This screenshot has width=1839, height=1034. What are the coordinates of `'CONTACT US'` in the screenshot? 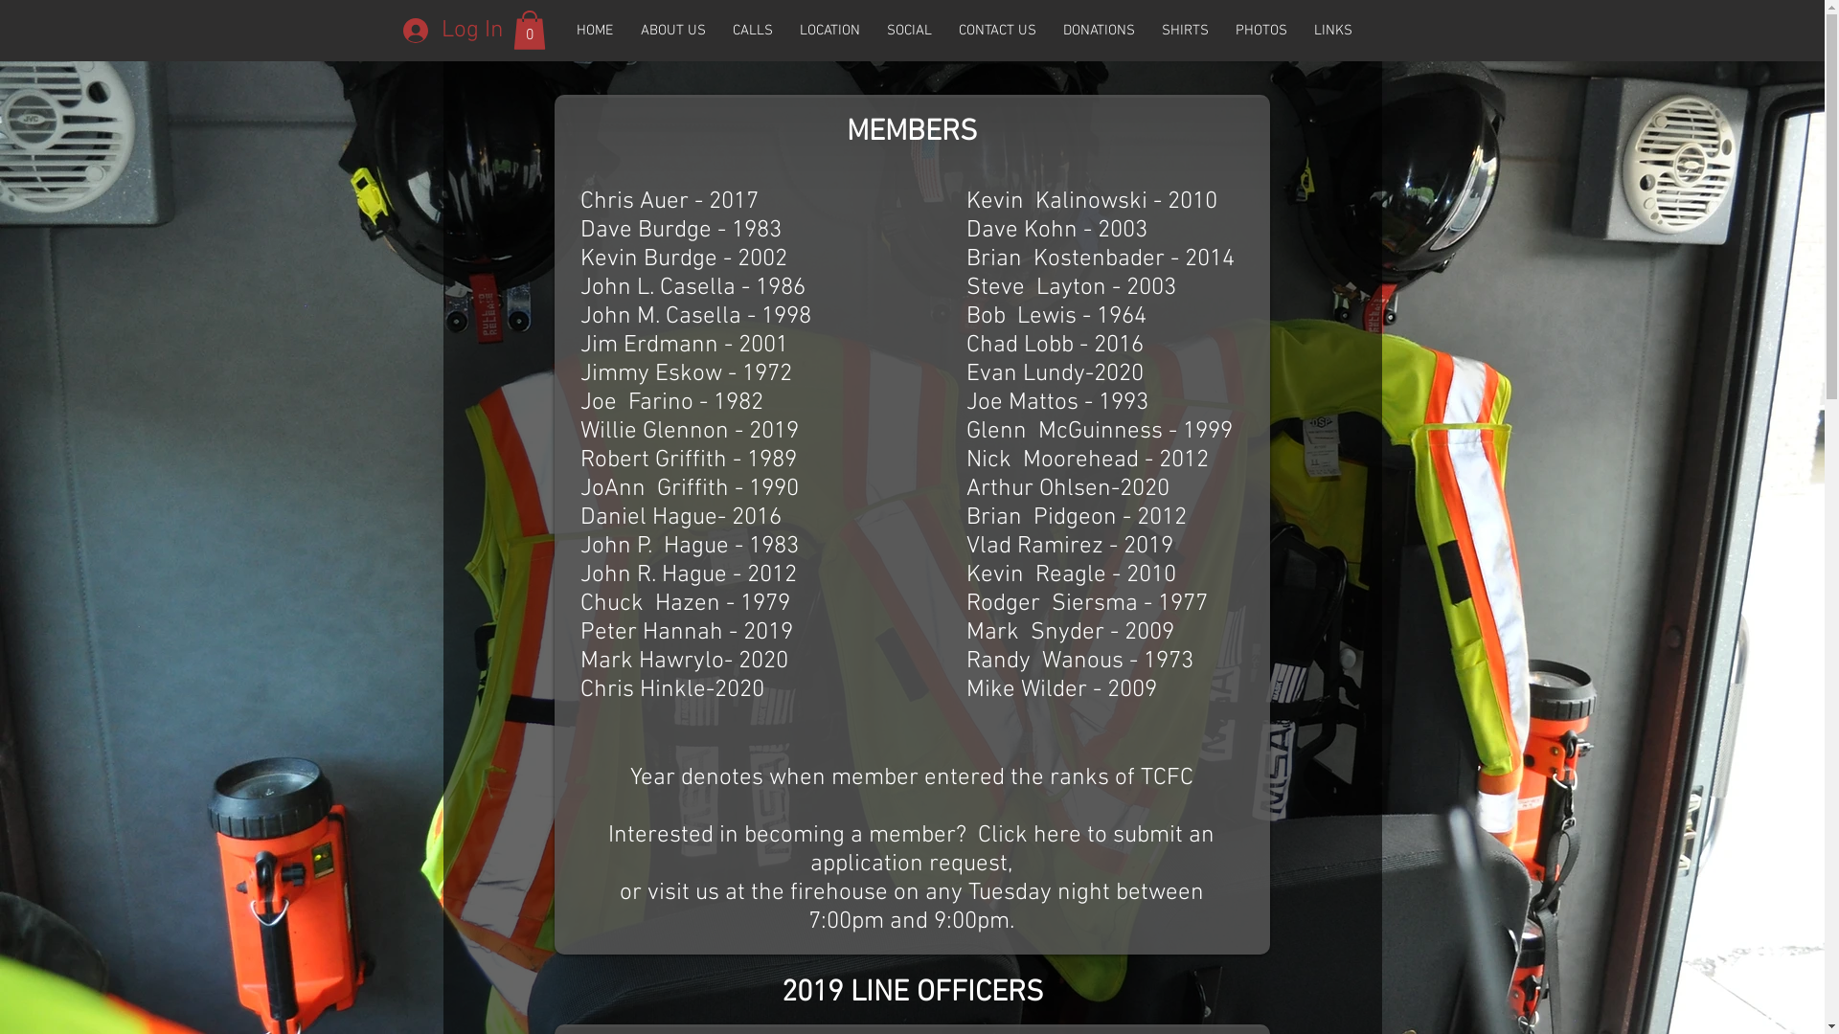 It's located at (996, 30).